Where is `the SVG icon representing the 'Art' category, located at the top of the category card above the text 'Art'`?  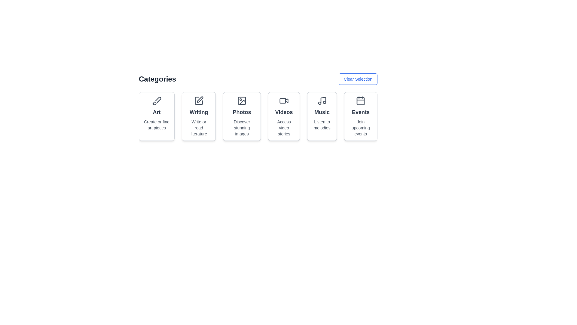 the SVG icon representing the 'Art' category, located at the top of the category card above the text 'Art' is located at coordinates (157, 101).